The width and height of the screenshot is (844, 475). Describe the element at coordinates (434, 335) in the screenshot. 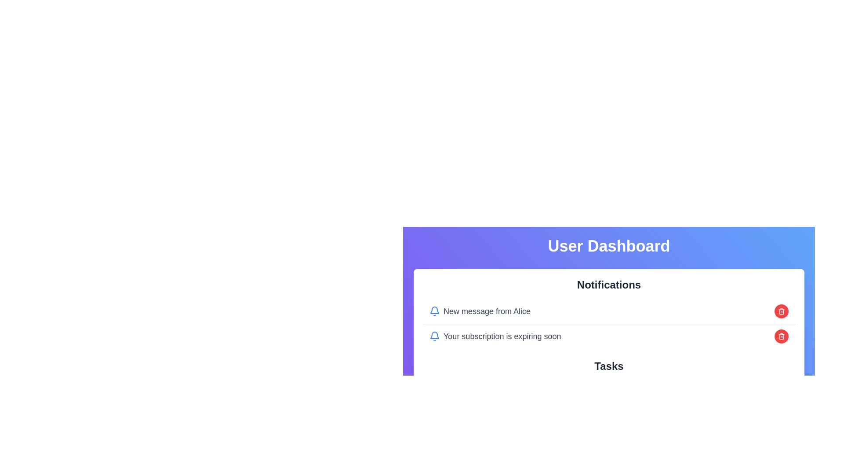

I see `the decorative bell icon in the notifications section, which is styled as an outlined graphic and indicates that your subscription is expiring soon` at that location.